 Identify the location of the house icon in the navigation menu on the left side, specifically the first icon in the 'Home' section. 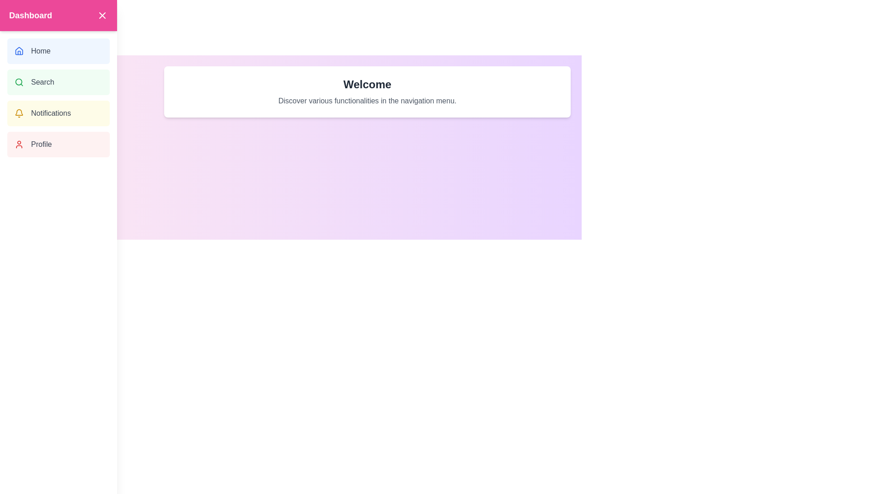
(19, 51).